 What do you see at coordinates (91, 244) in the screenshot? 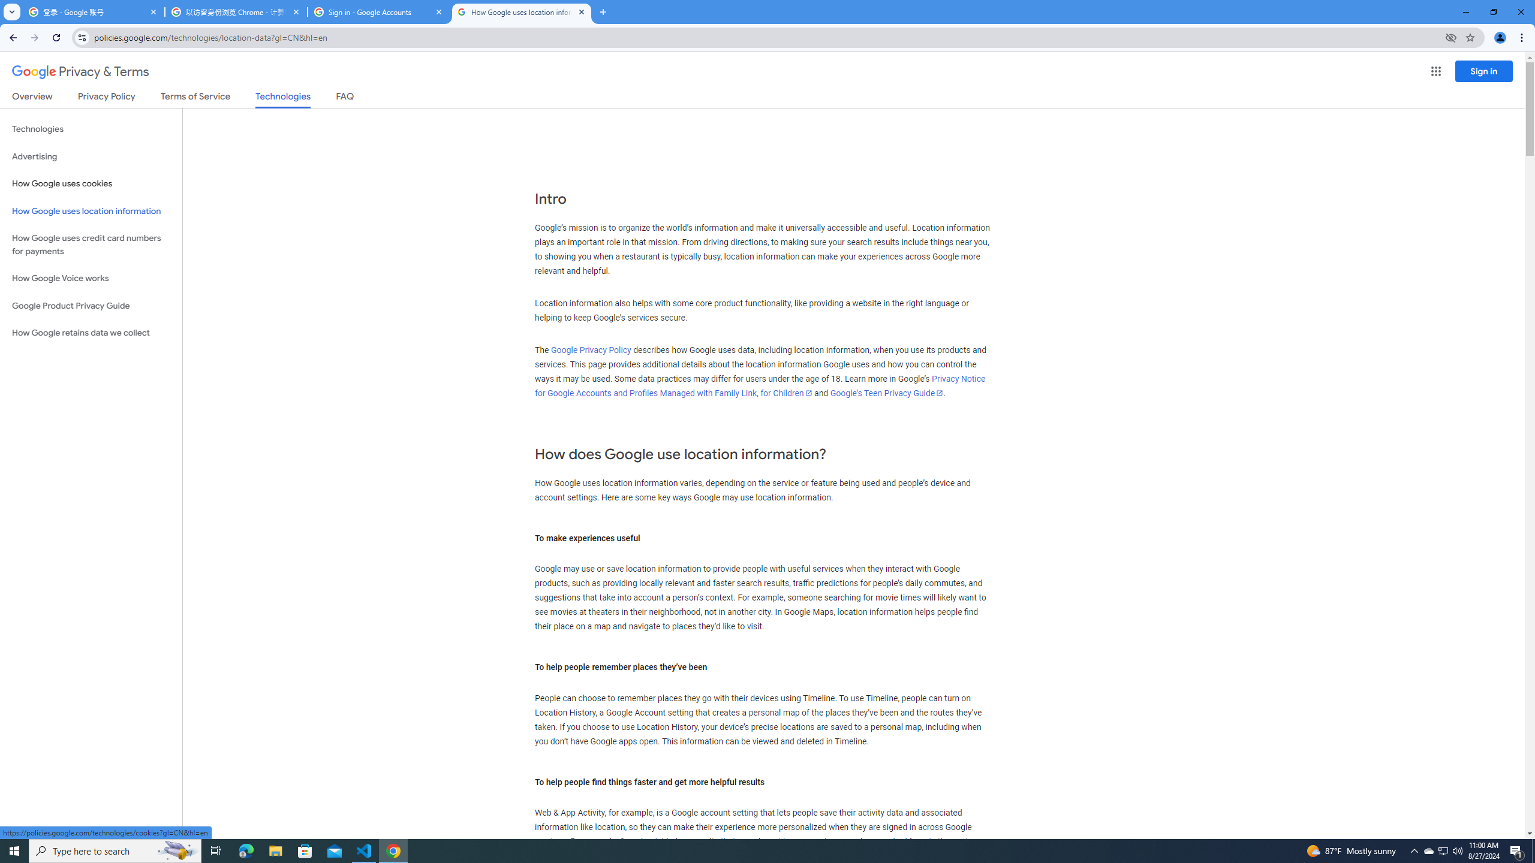
I see `'How Google uses credit card numbers for payments'` at bounding box center [91, 244].